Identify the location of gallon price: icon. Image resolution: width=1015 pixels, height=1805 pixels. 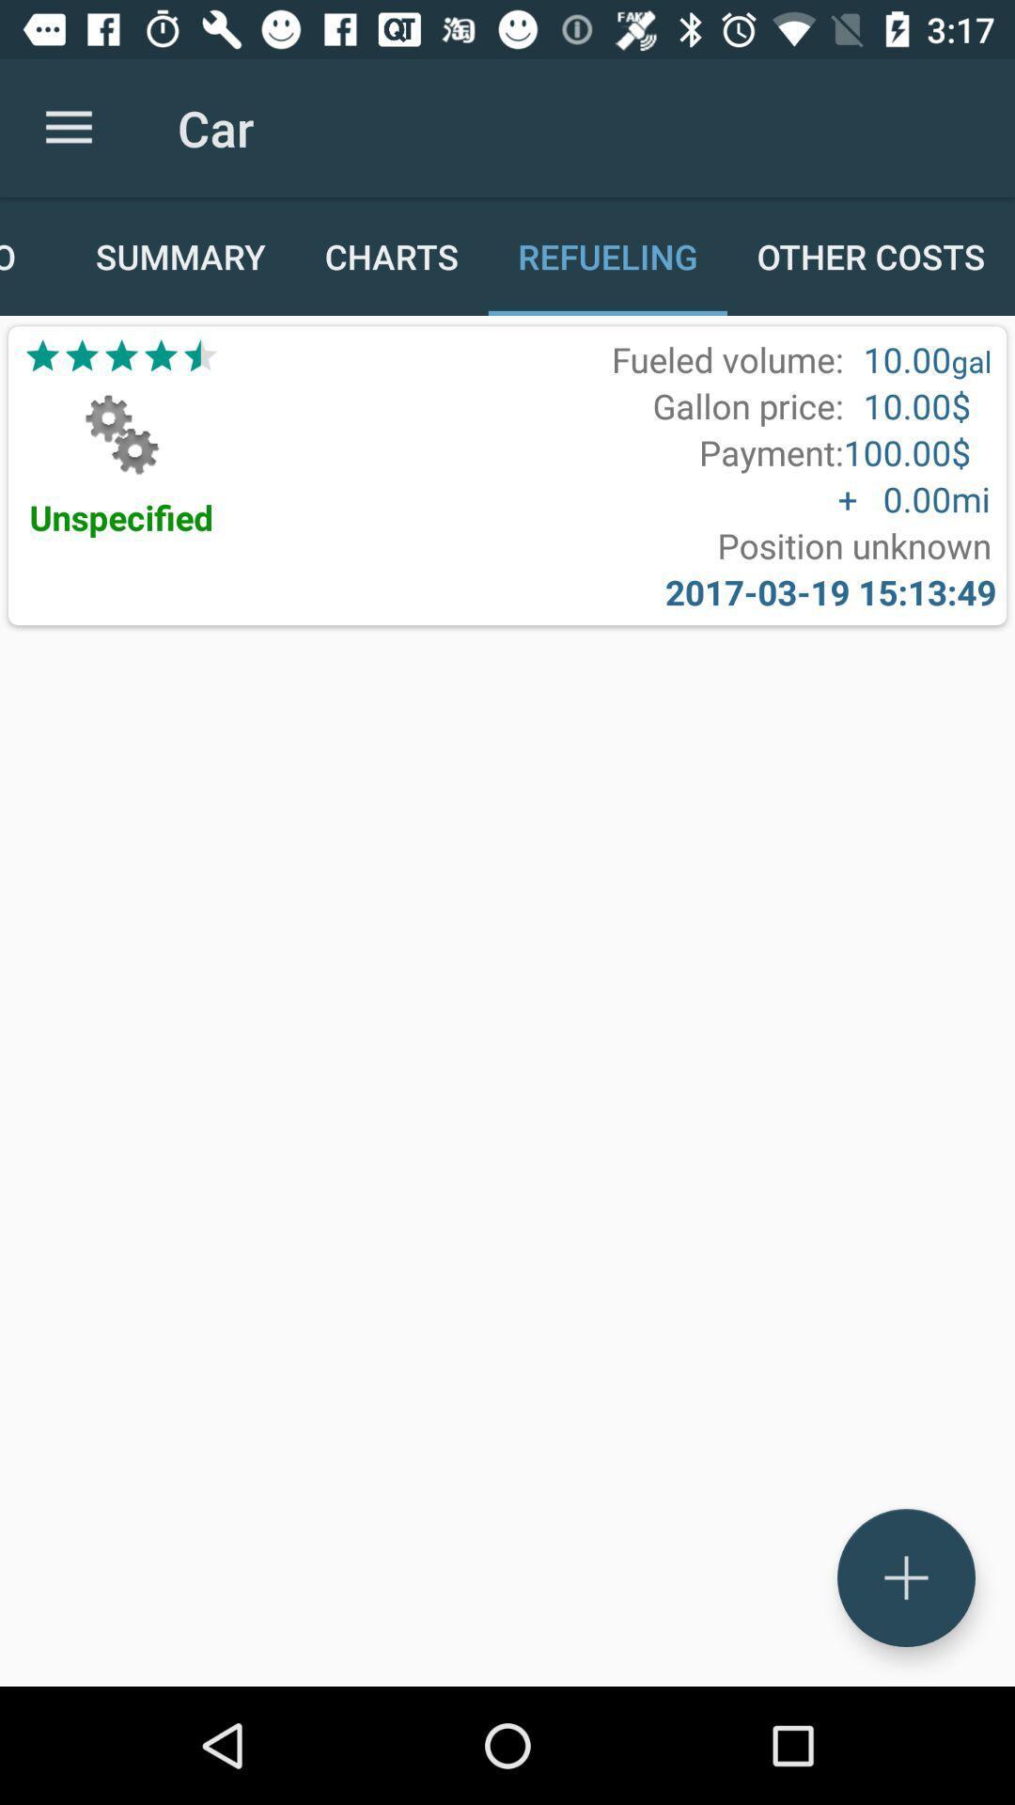
(747, 405).